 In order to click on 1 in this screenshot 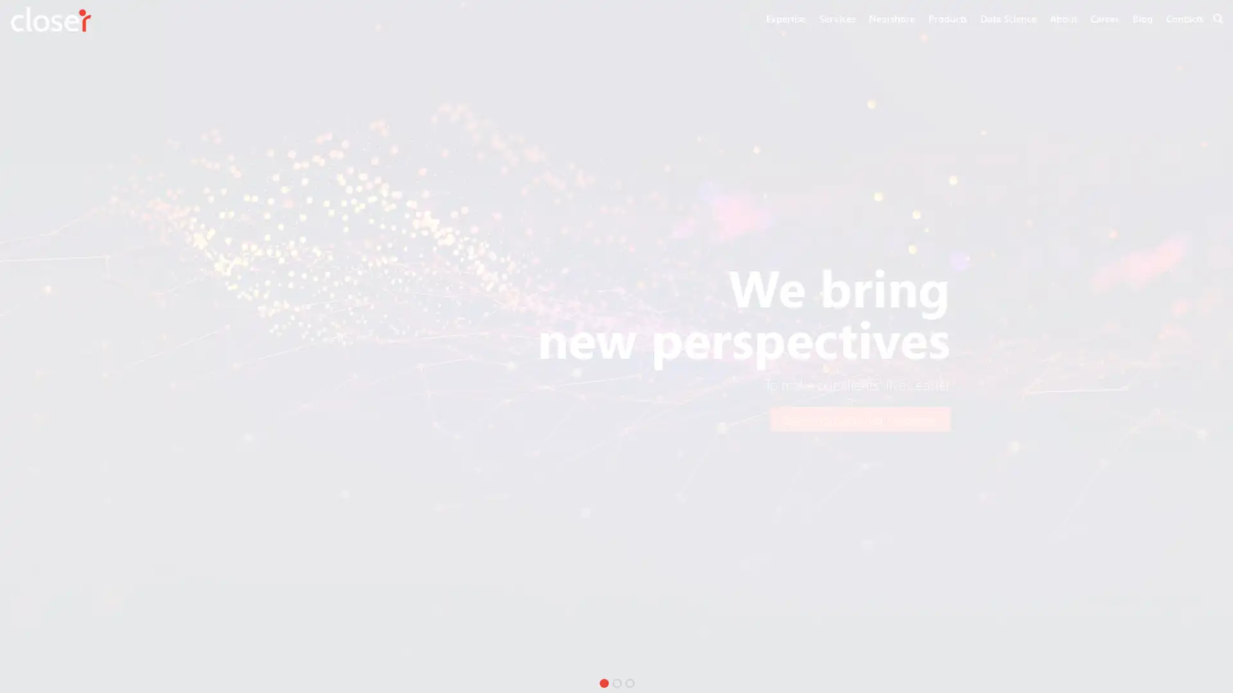, I will do `click(603, 682)`.